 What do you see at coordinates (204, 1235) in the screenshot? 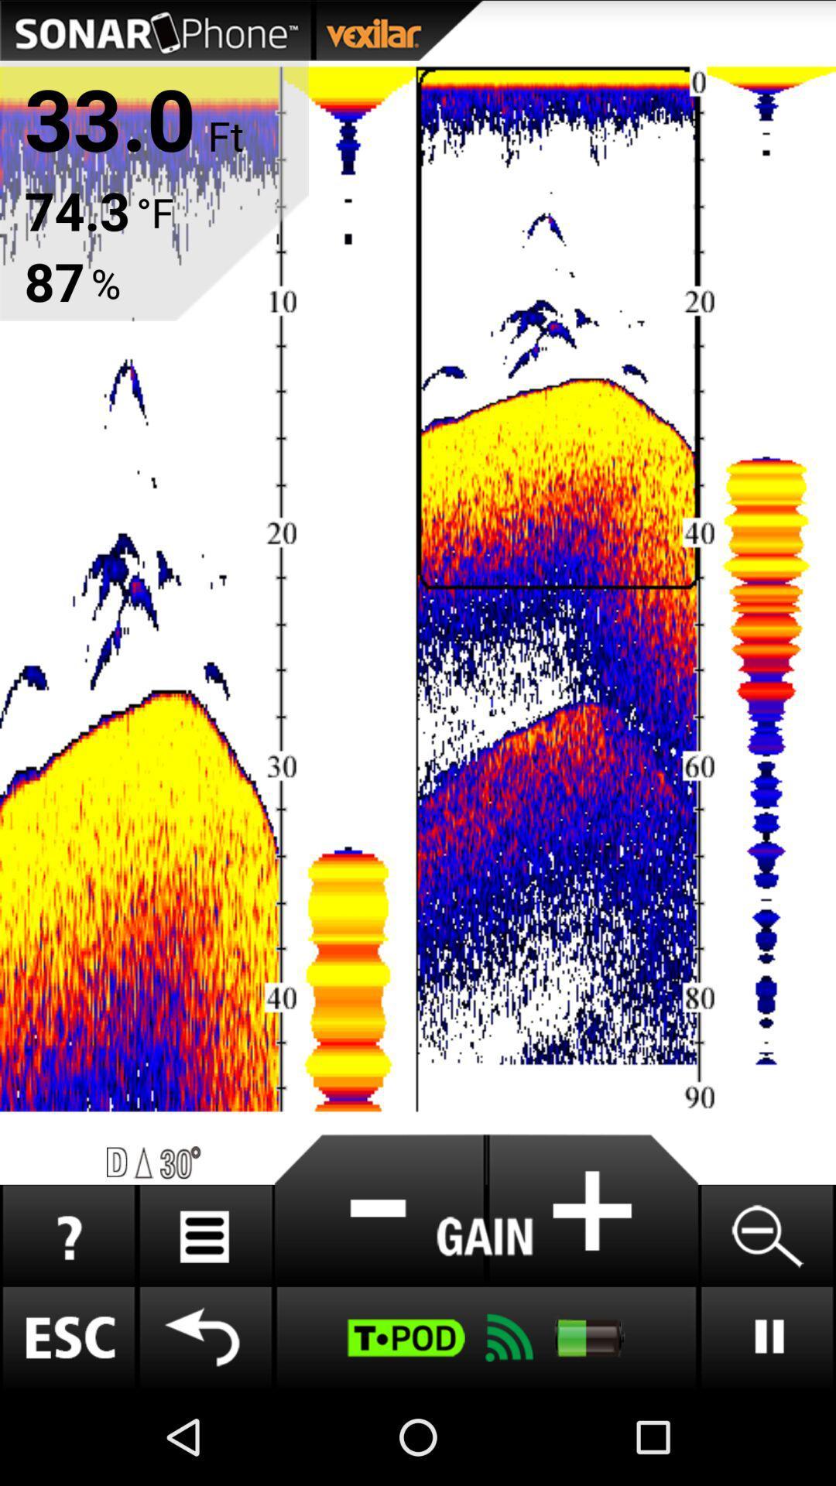
I see `list menu` at bounding box center [204, 1235].